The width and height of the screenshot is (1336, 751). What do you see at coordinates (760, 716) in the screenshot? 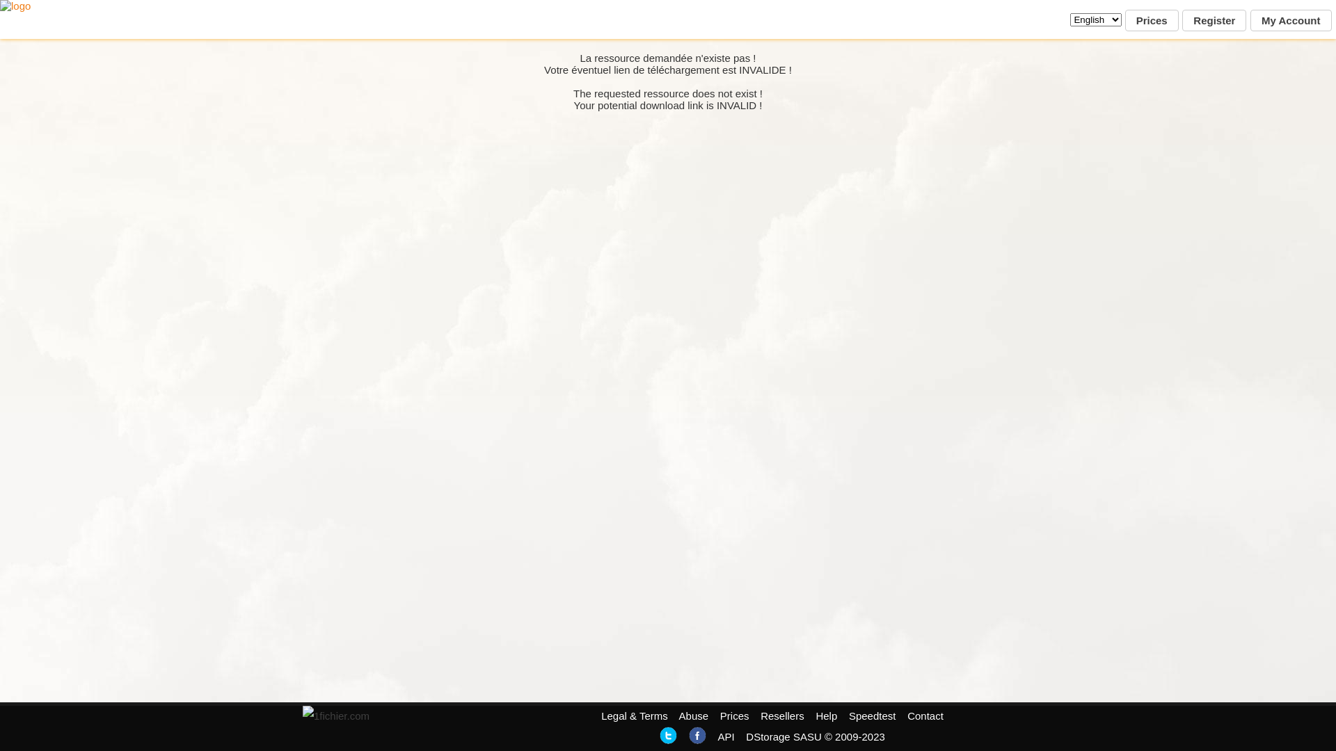
I see `'Resellers'` at bounding box center [760, 716].